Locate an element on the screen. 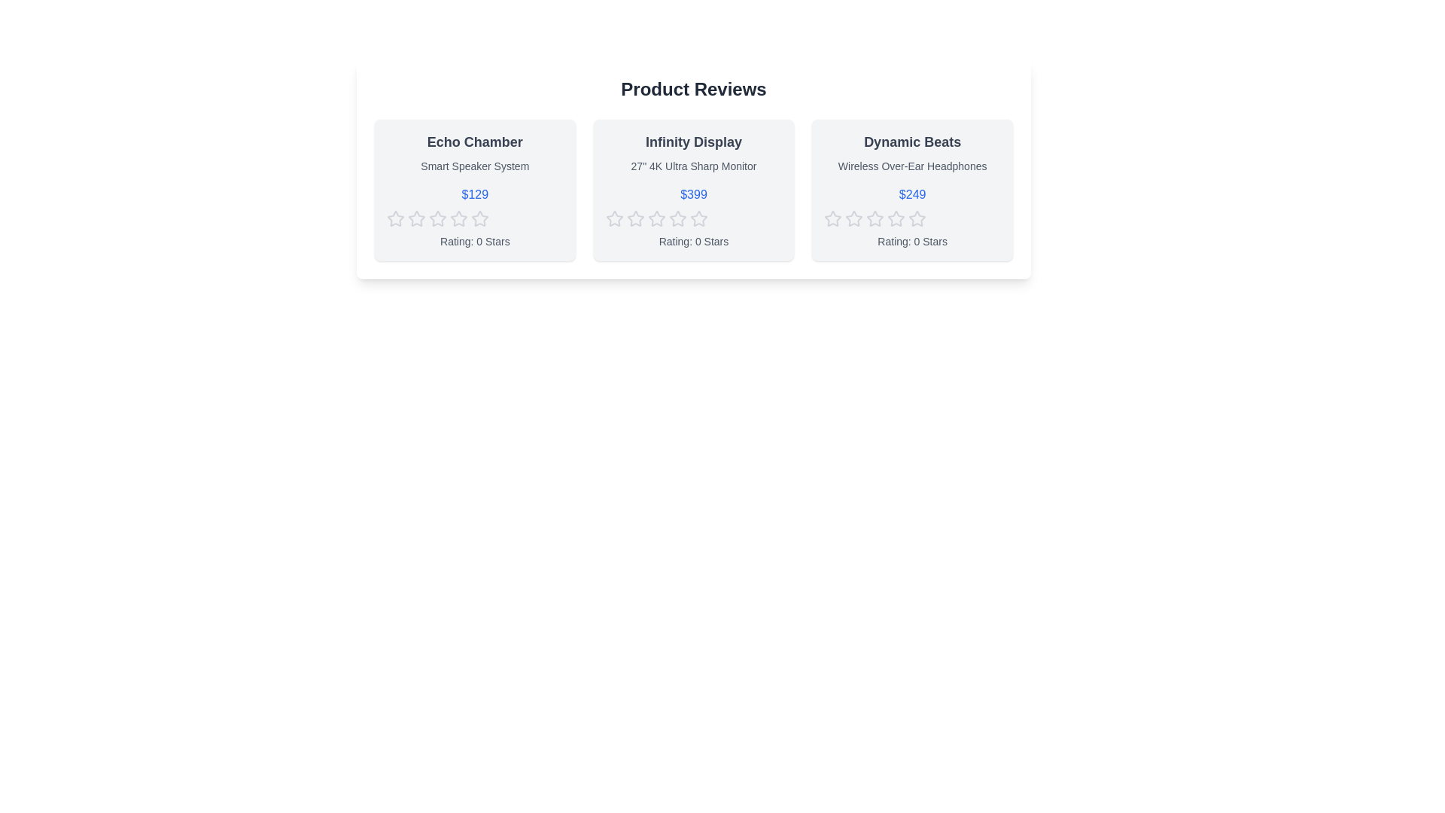  the second star icon in the rating system for the product 'Echo Chamber' to rate it is located at coordinates (458, 218).